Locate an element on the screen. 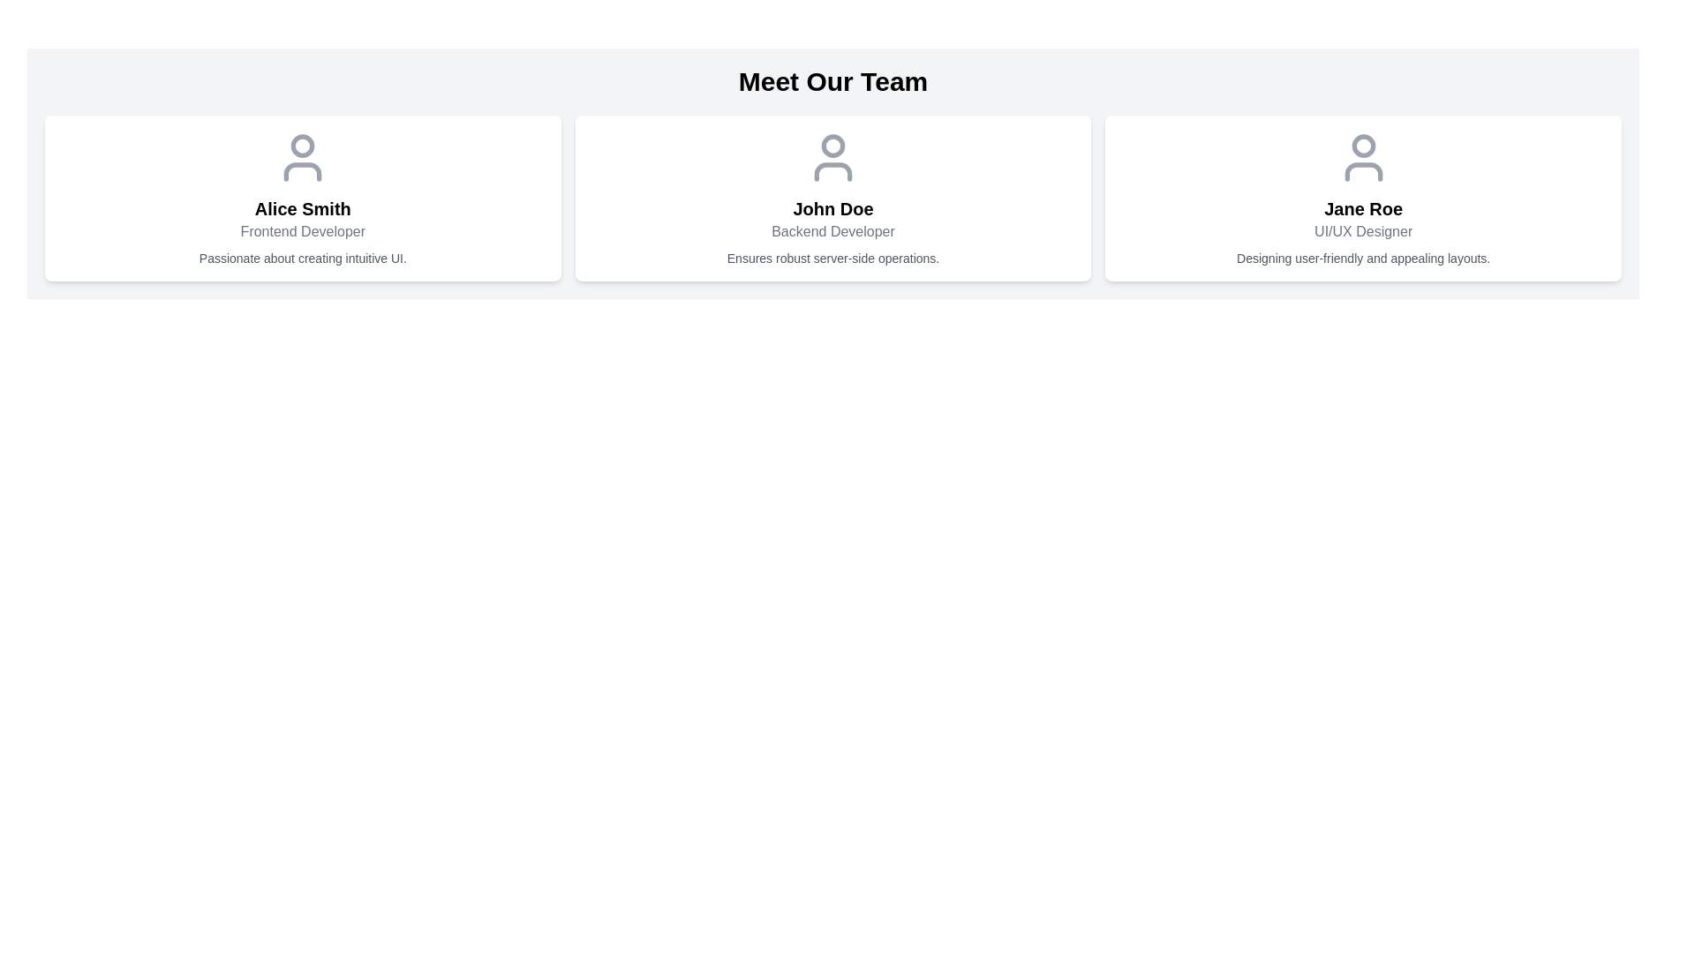 The width and height of the screenshot is (1695, 953). text label displaying the name 'Alice Smith' located under the avatar icon in the leftmost card of the 'Meet Our Team' section is located at coordinates (303, 207).